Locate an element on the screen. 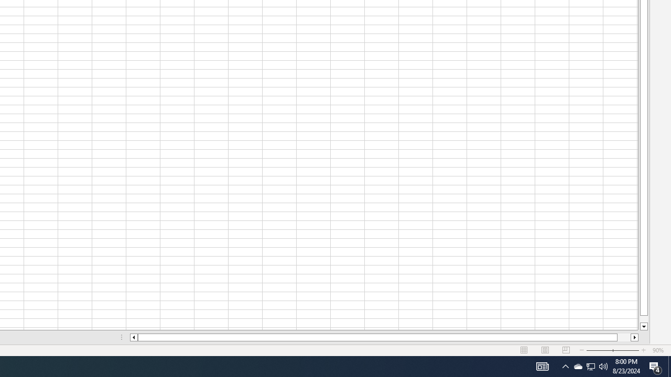 This screenshot has height=377, width=671. 'Page Break Preview' is located at coordinates (565, 350).